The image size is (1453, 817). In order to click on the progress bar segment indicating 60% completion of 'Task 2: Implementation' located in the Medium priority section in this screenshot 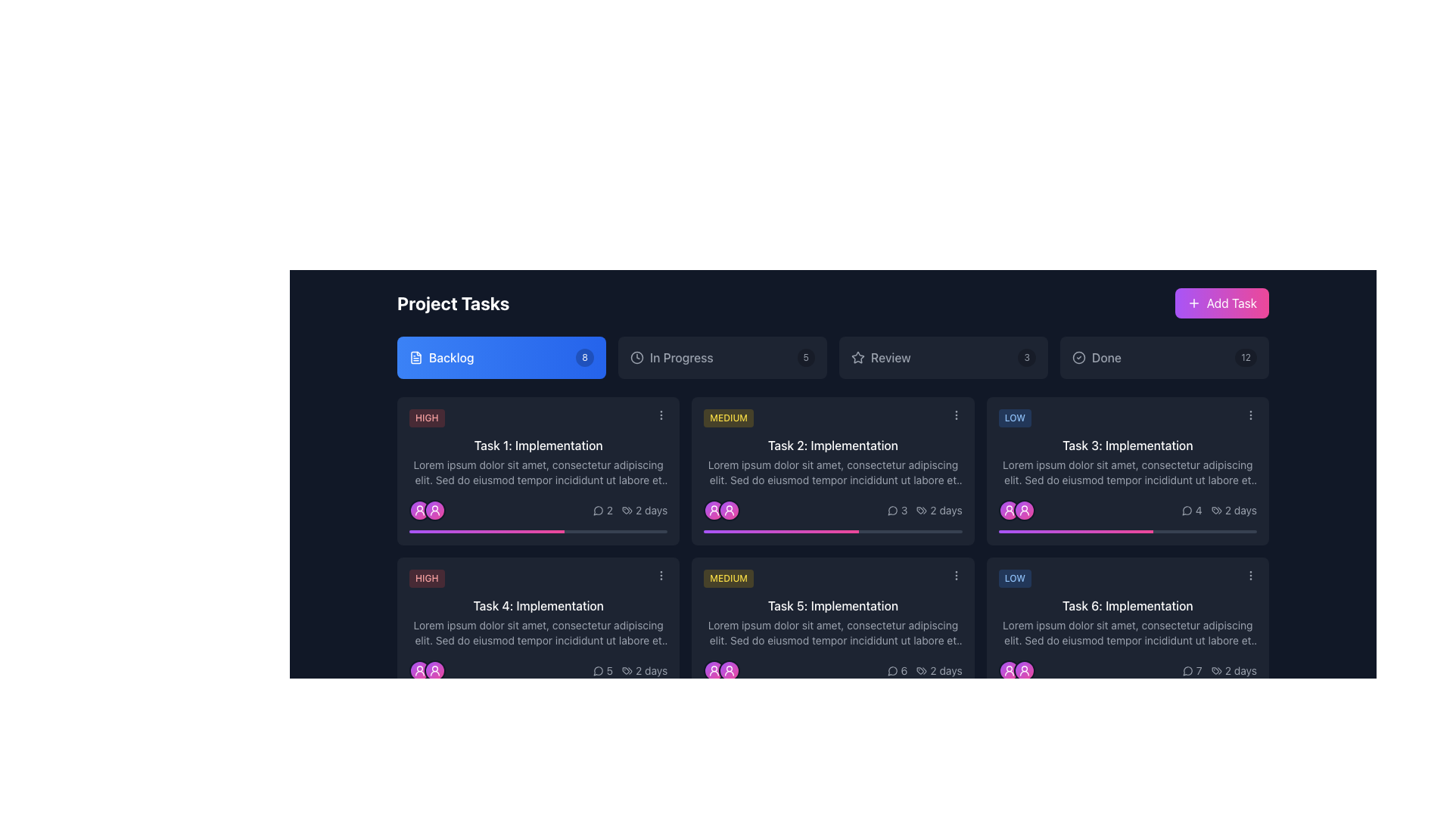, I will do `click(781, 530)`.